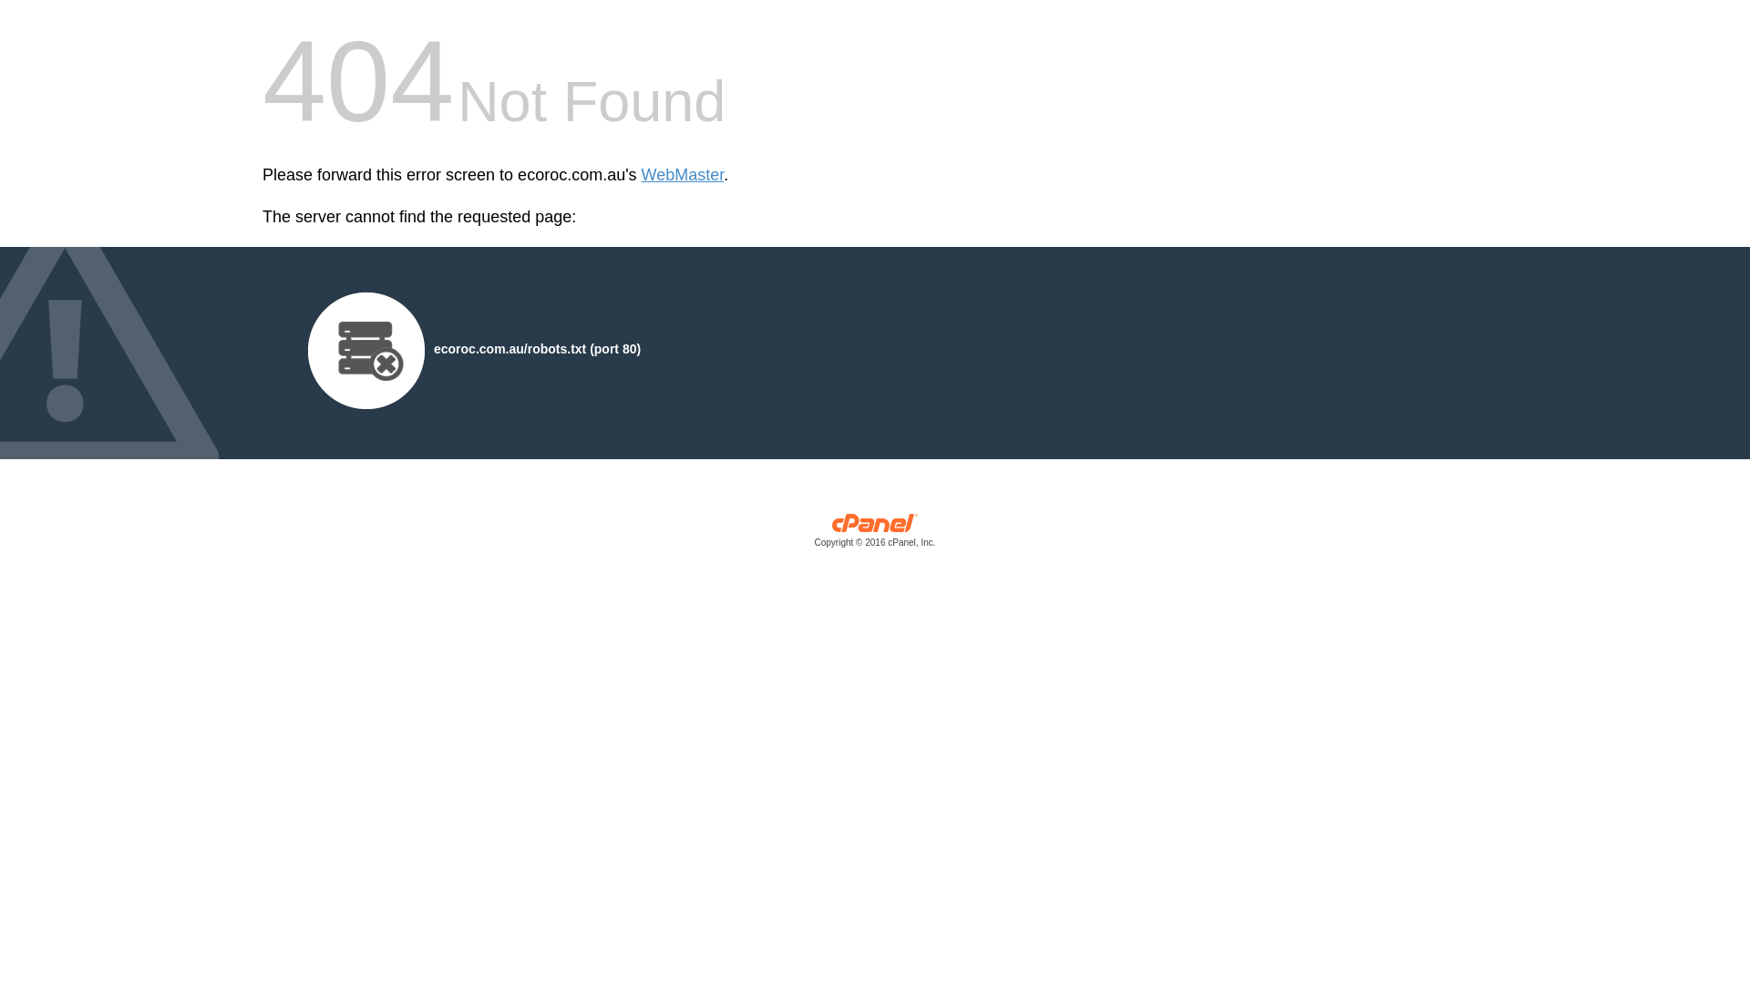  What do you see at coordinates (682, 175) in the screenshot?
I see `'WebMaster'` at bounding box center [682, 175].